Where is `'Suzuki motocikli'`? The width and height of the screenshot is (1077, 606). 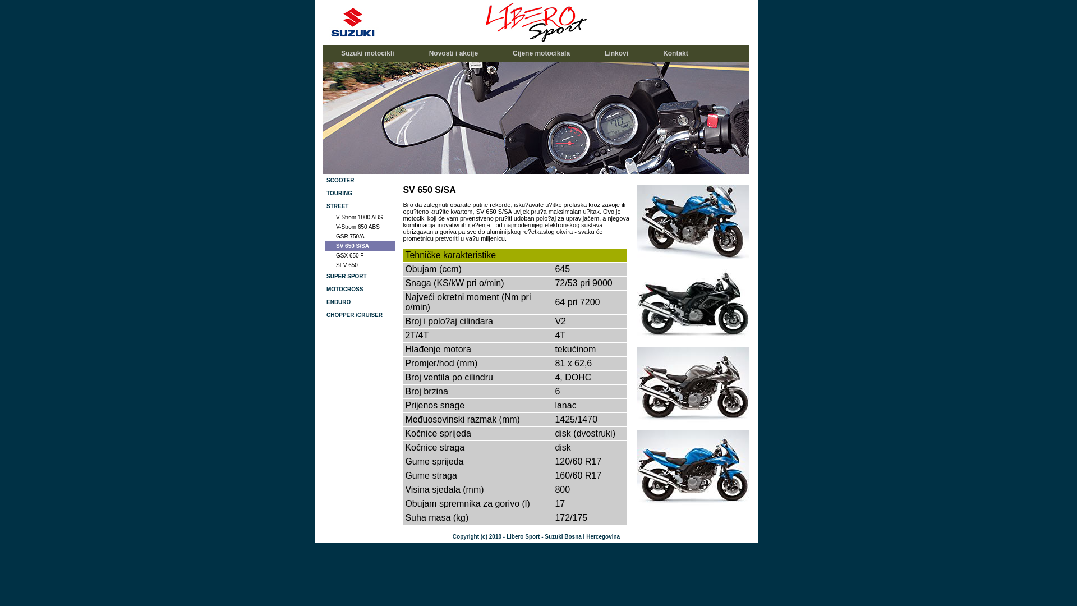 'Suzuki motocikli' is located at coordinates (324, 53).